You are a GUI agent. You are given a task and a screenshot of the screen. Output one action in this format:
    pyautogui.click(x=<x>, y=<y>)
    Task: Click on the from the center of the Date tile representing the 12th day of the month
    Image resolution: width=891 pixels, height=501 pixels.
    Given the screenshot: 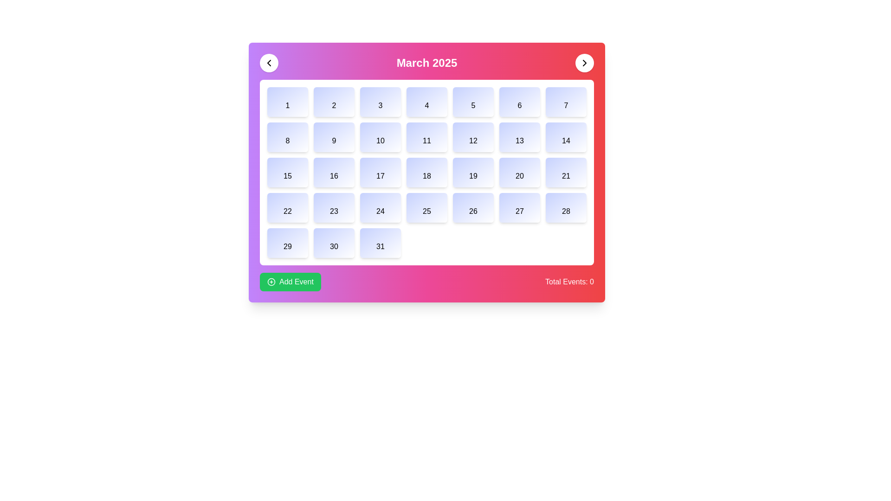 What is the action you would take?
    pyautogui.click(x=473, y=137)
    